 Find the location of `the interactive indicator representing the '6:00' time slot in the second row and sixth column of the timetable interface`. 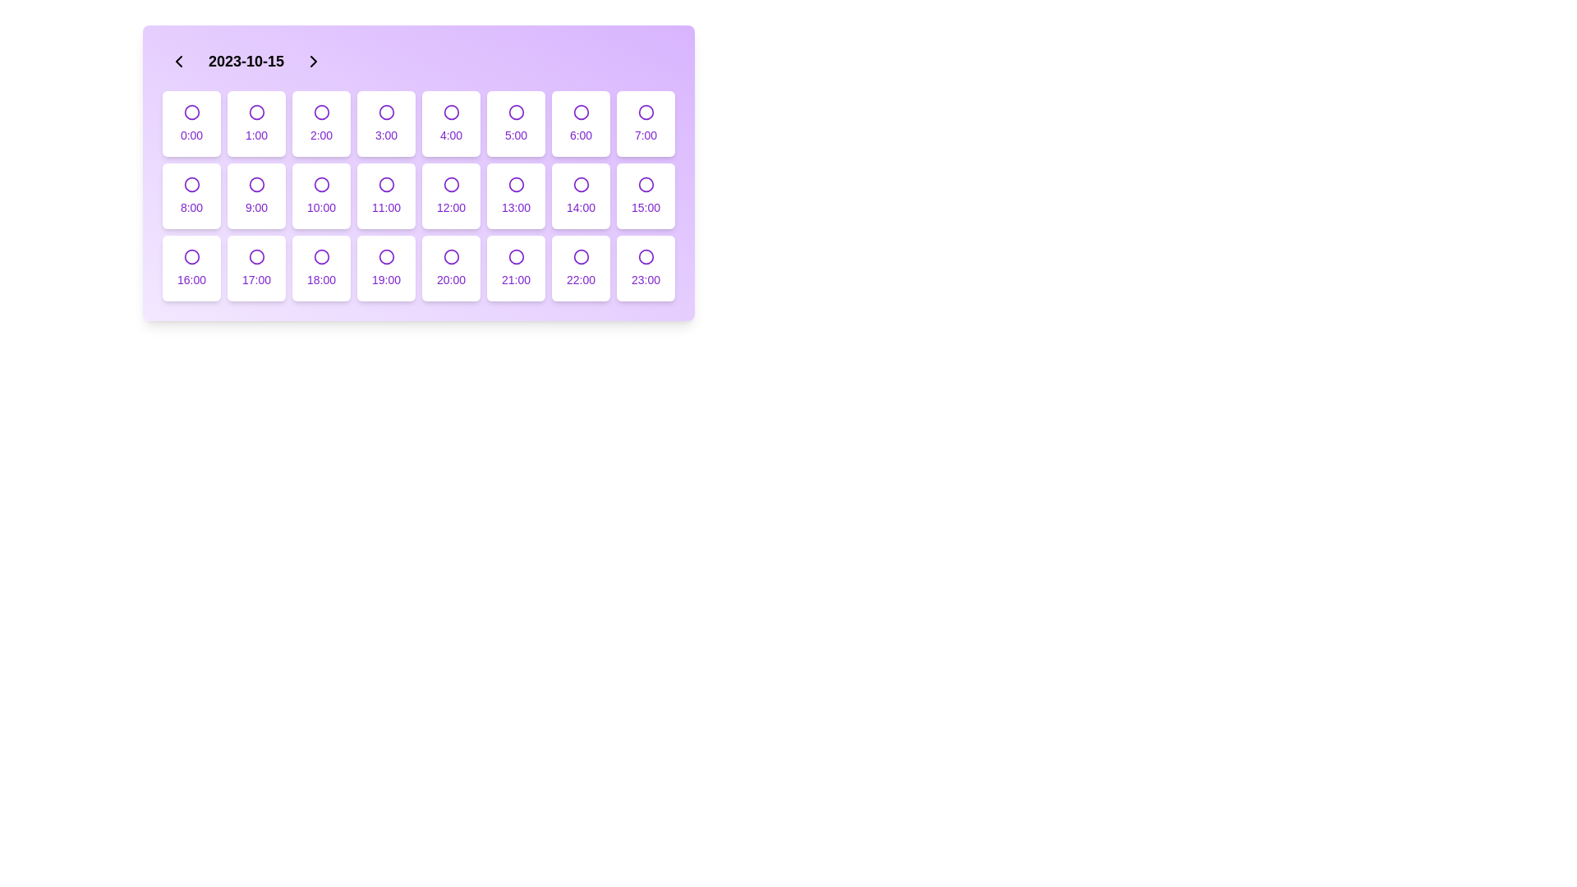

the interactive indicator representing the '6:00' time slot in the second row and sixth column of the timetable interface is located at coordinates (581, 112).